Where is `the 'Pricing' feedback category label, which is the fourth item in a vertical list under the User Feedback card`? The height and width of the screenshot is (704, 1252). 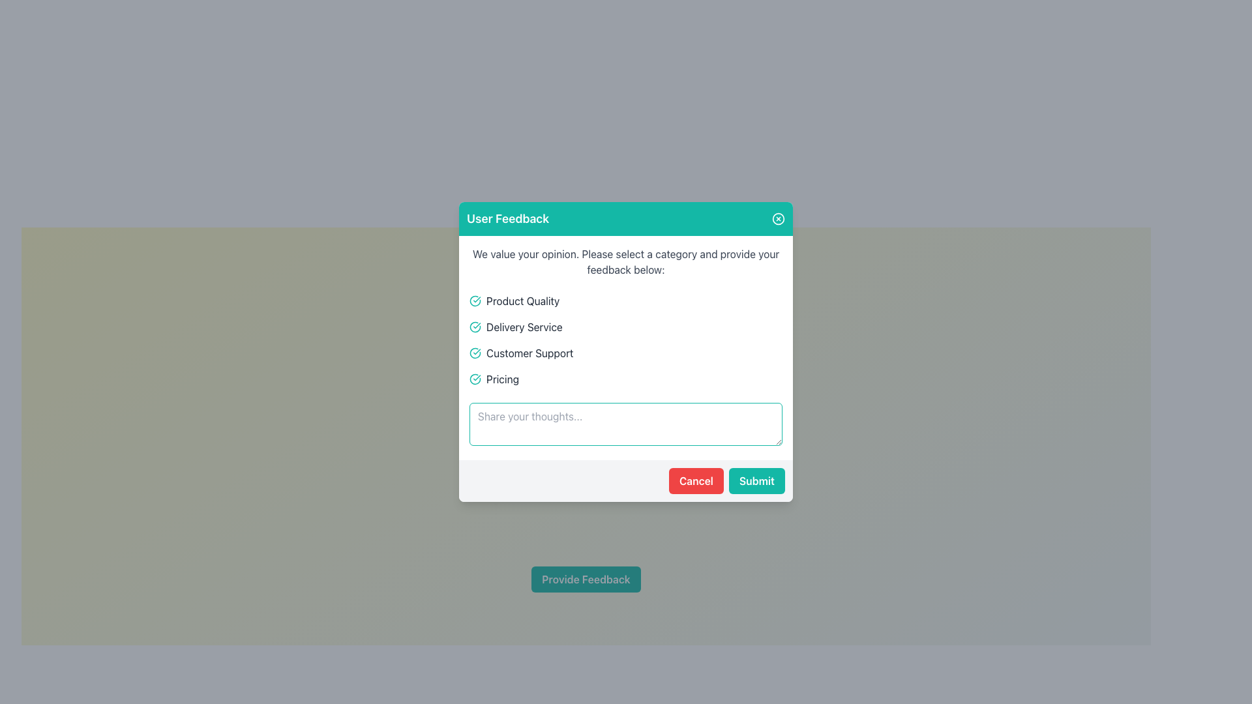 the 'Pricing' feedback category label, which is the fourth item in a vertical list under the User Feedback card is located at coordinates (502, 379).